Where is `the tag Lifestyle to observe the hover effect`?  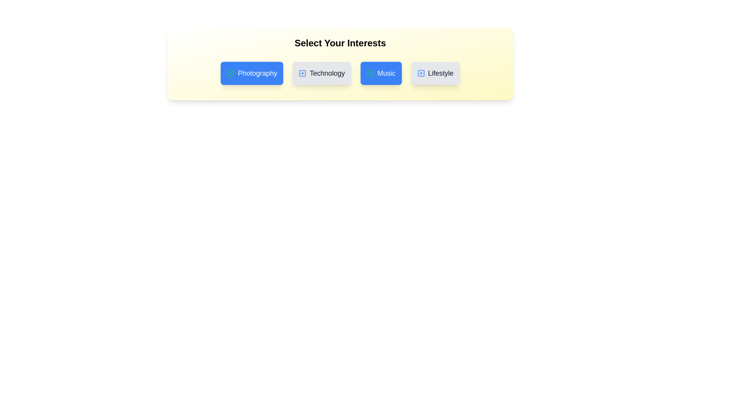 the tag Lifestyle to observe the hover effect is located at coordinates (436, 73).